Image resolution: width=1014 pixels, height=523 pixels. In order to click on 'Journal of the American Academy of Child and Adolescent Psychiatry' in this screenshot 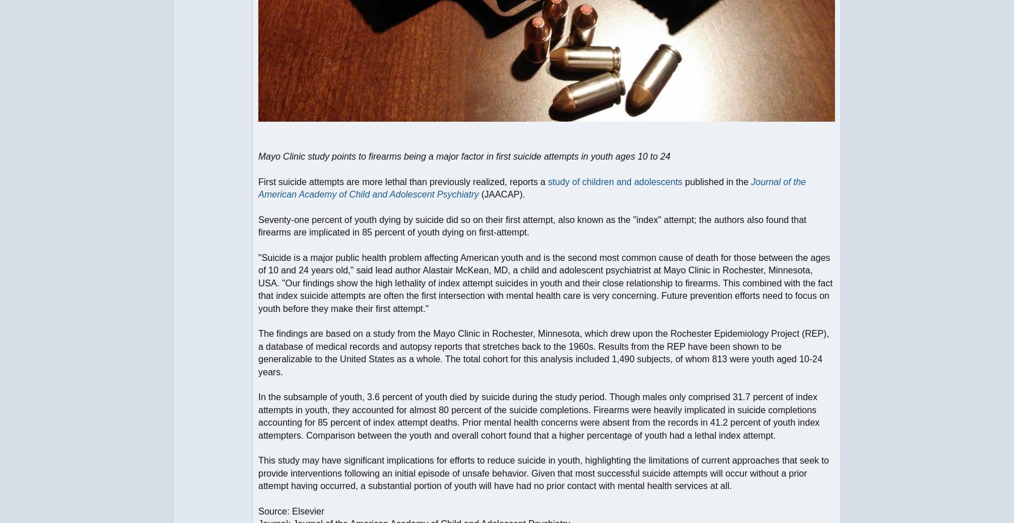, I will do `click(532, 187)`.